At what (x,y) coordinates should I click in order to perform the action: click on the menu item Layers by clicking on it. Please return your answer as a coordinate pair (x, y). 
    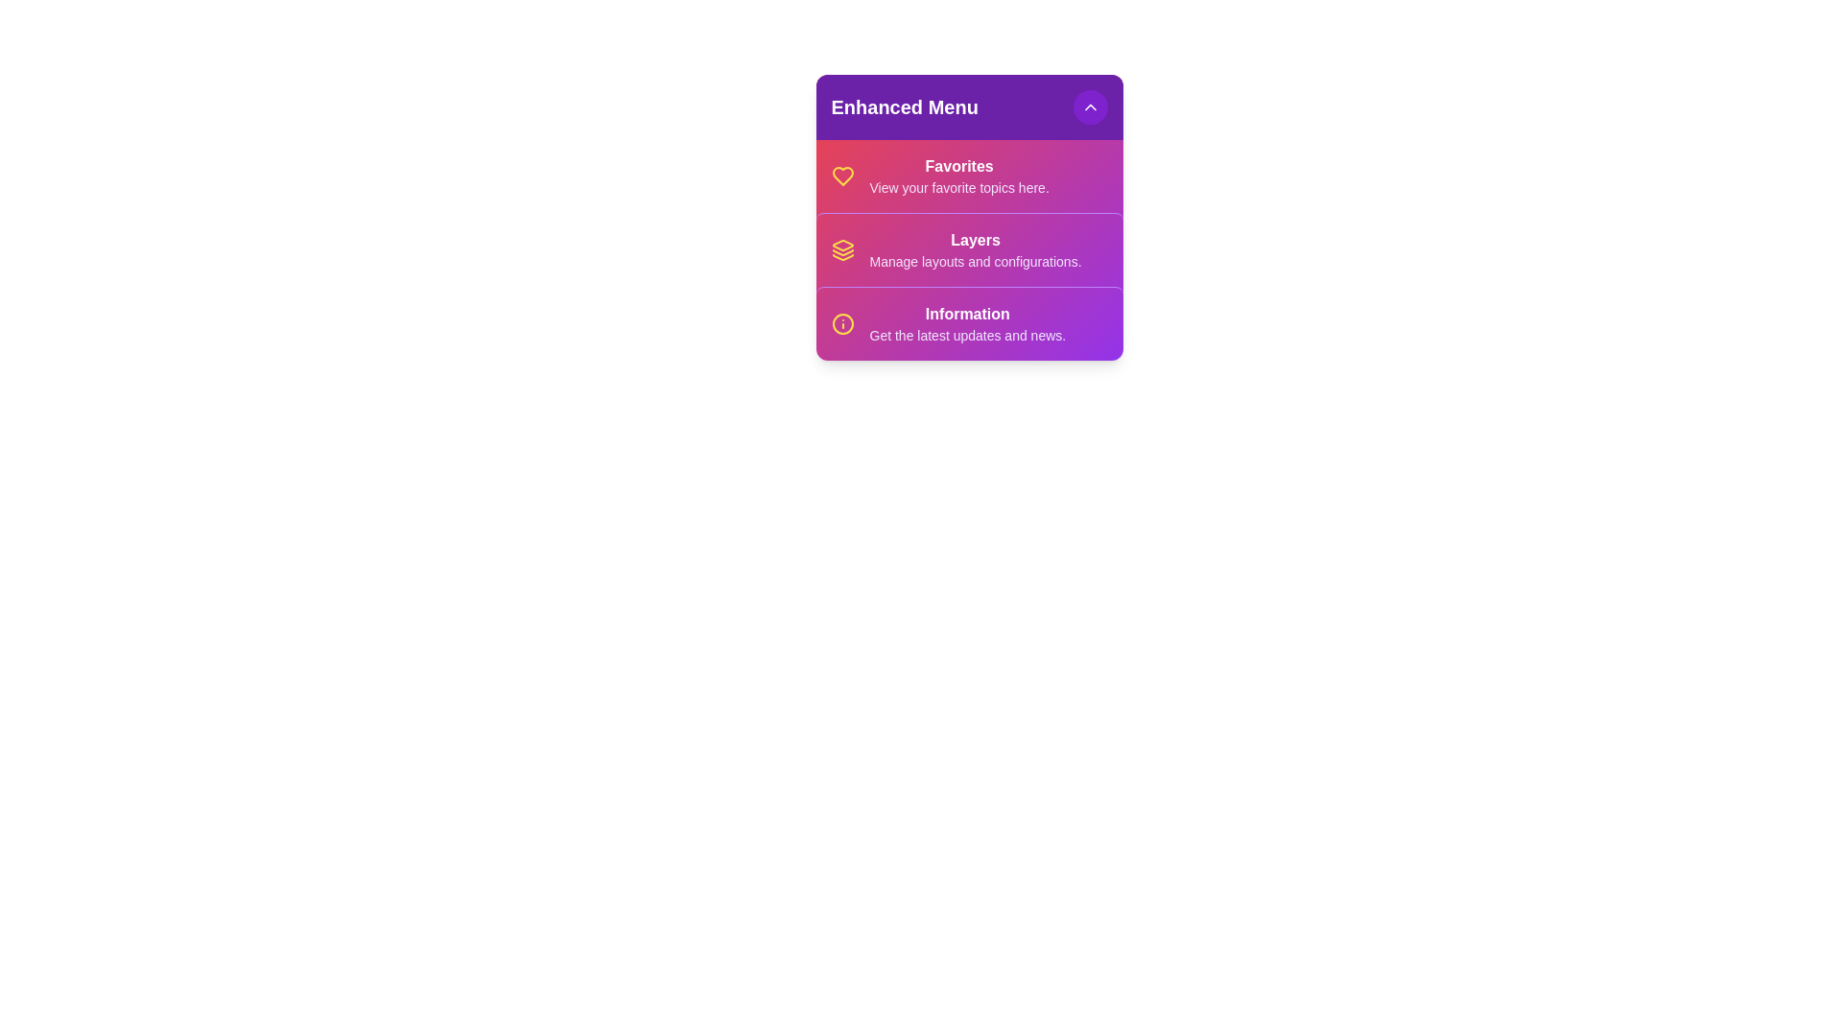
    Looking at the image, I should click on (969, 248).